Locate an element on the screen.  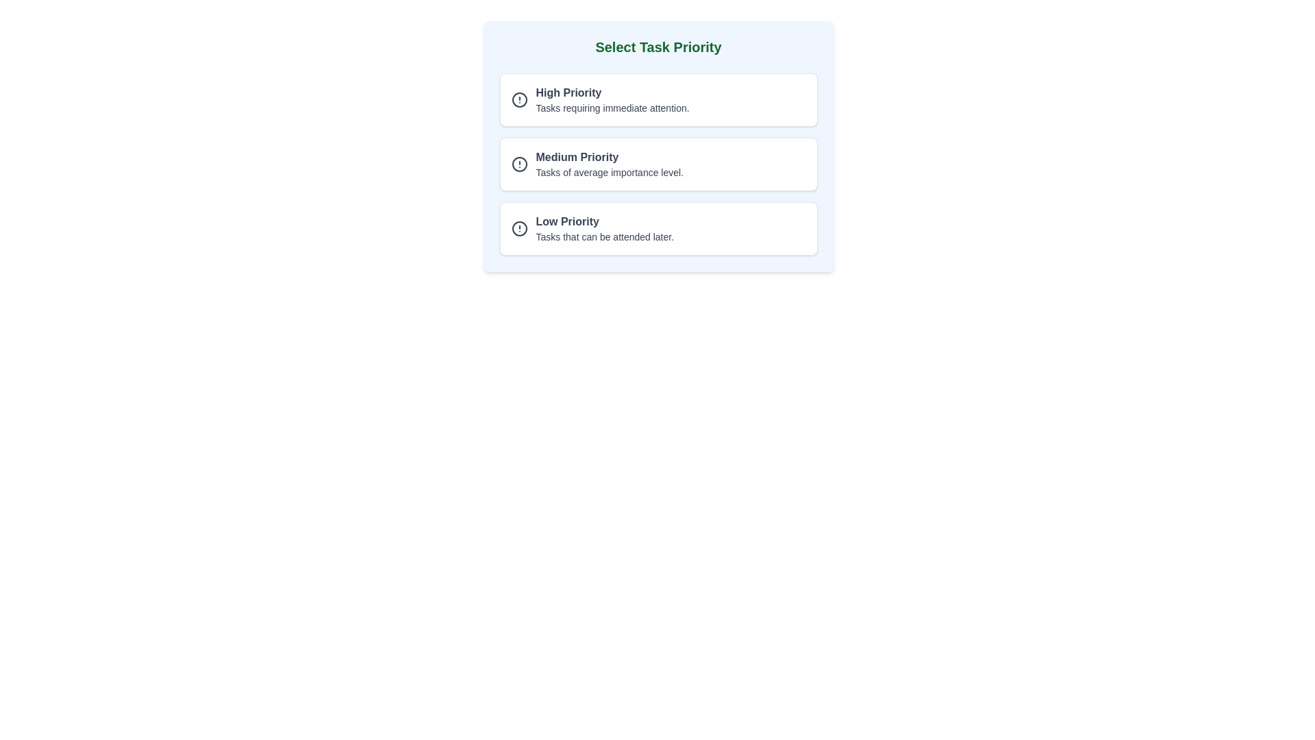
the priority level by clicking the corresponding button: Medium Priority is located at coordinates (658, 163).